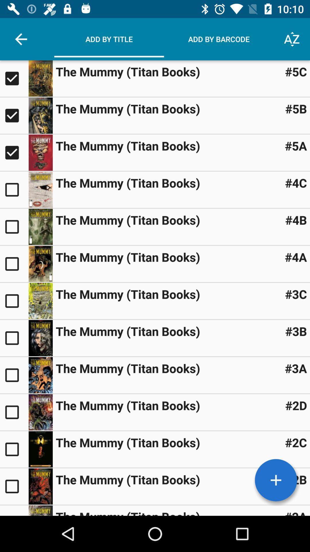  What do you see at coordinates (14, 115) in the screenshot?
I see `the selected option` at bounding box center [14, 115].